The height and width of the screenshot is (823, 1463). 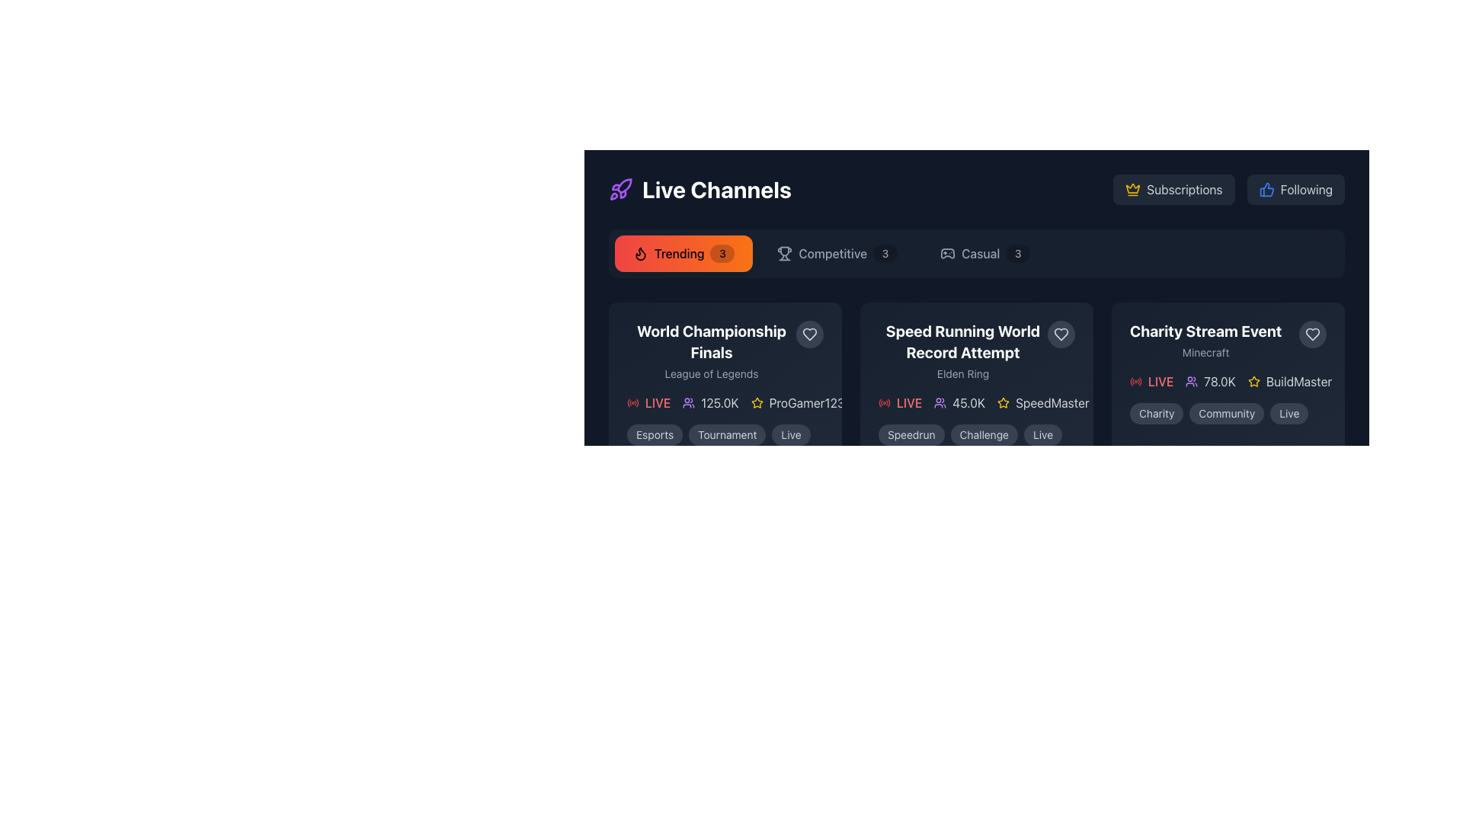 I want to click on the 'Trending' Navigation Button with a flame-shaped icon, which is the first button in the 'Live Channels' navigation bar, so click(x=683, y=252).